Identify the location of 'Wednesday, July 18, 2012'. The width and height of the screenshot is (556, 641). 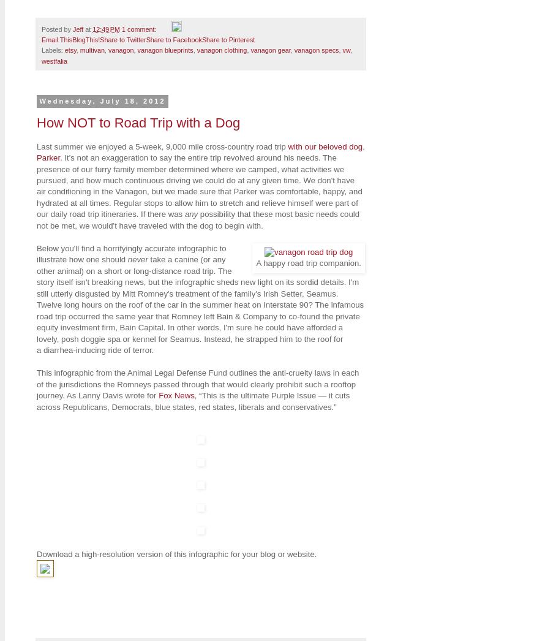
(101, 101).